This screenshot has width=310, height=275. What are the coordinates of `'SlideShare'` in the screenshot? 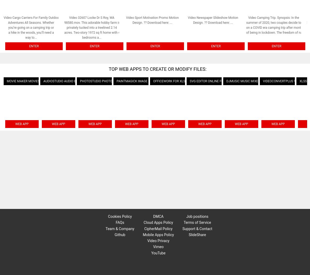 It's located at (197, 234).